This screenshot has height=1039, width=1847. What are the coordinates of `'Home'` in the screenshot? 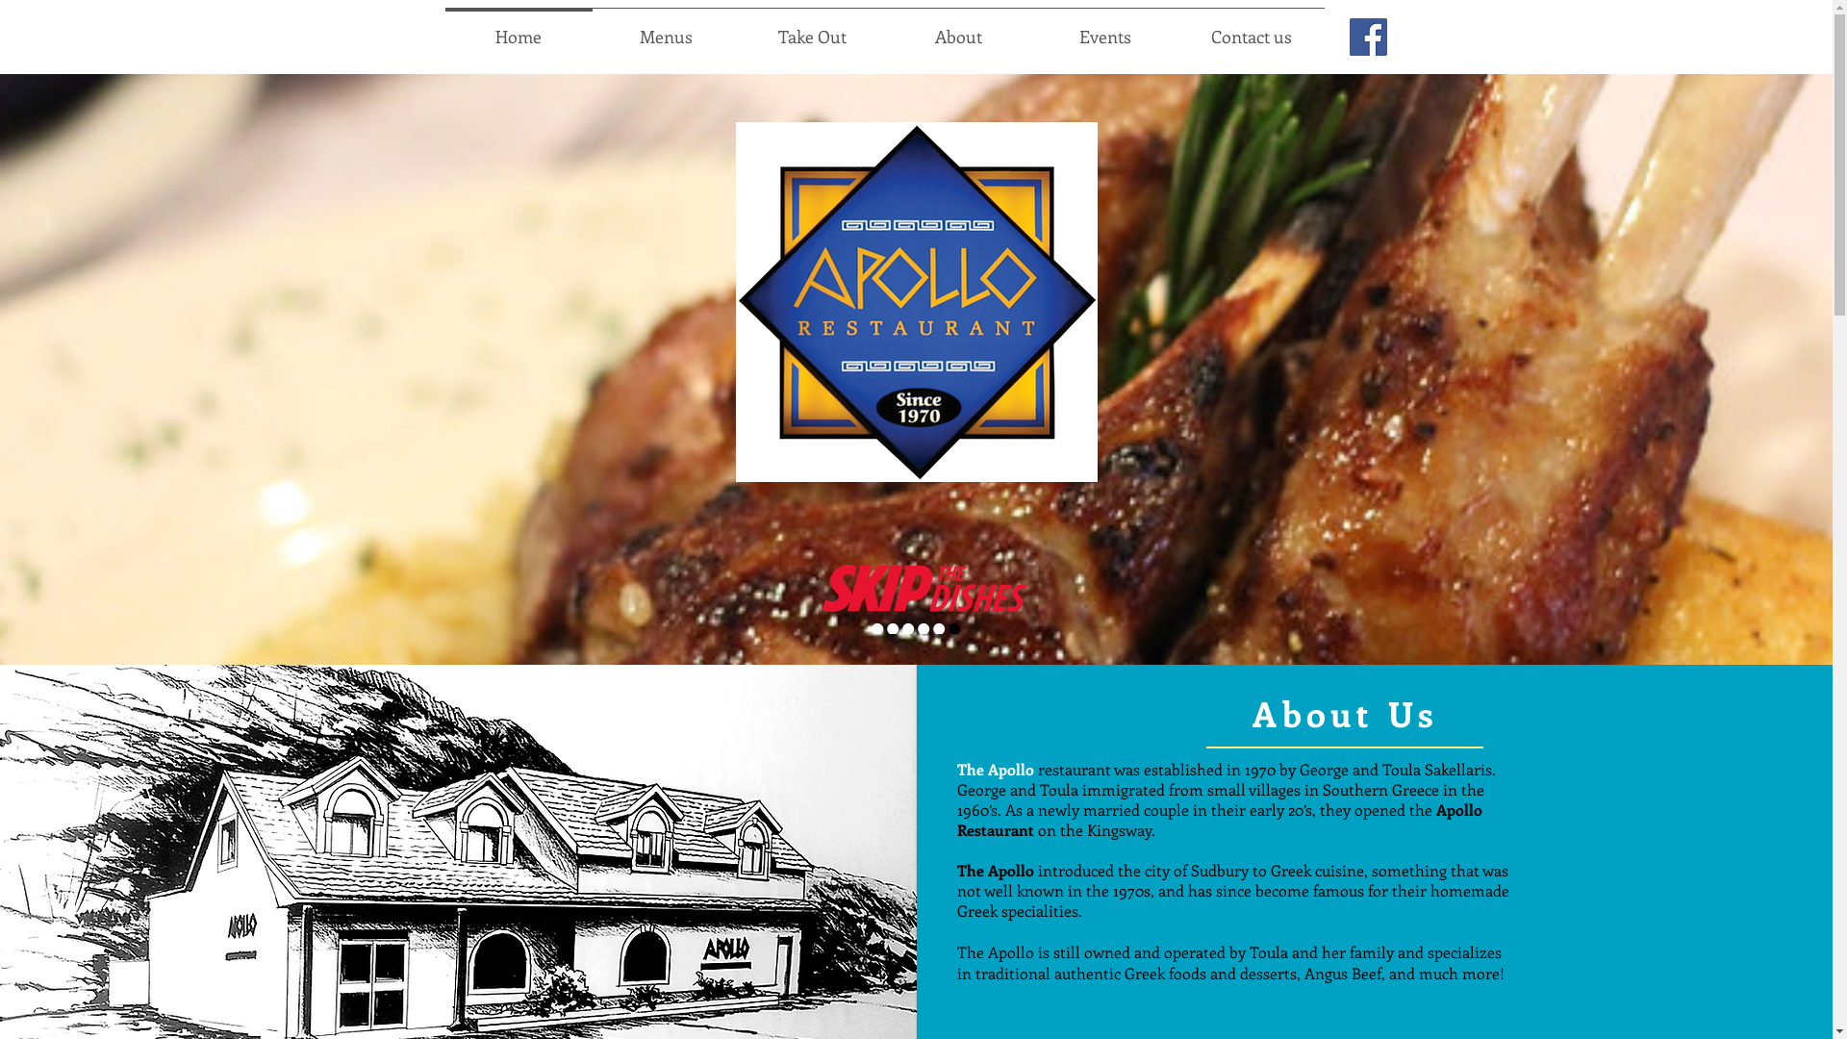 It's located at (518, 28).